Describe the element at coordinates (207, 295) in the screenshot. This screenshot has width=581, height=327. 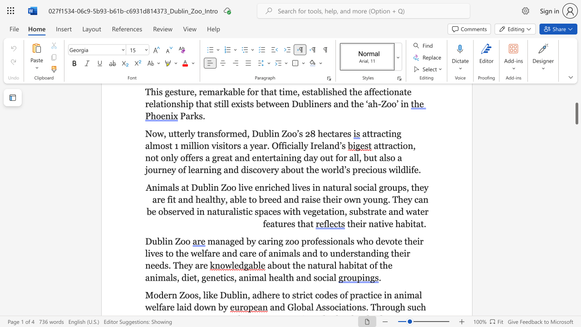
I see `the 1th character "i" in the text` at that location.